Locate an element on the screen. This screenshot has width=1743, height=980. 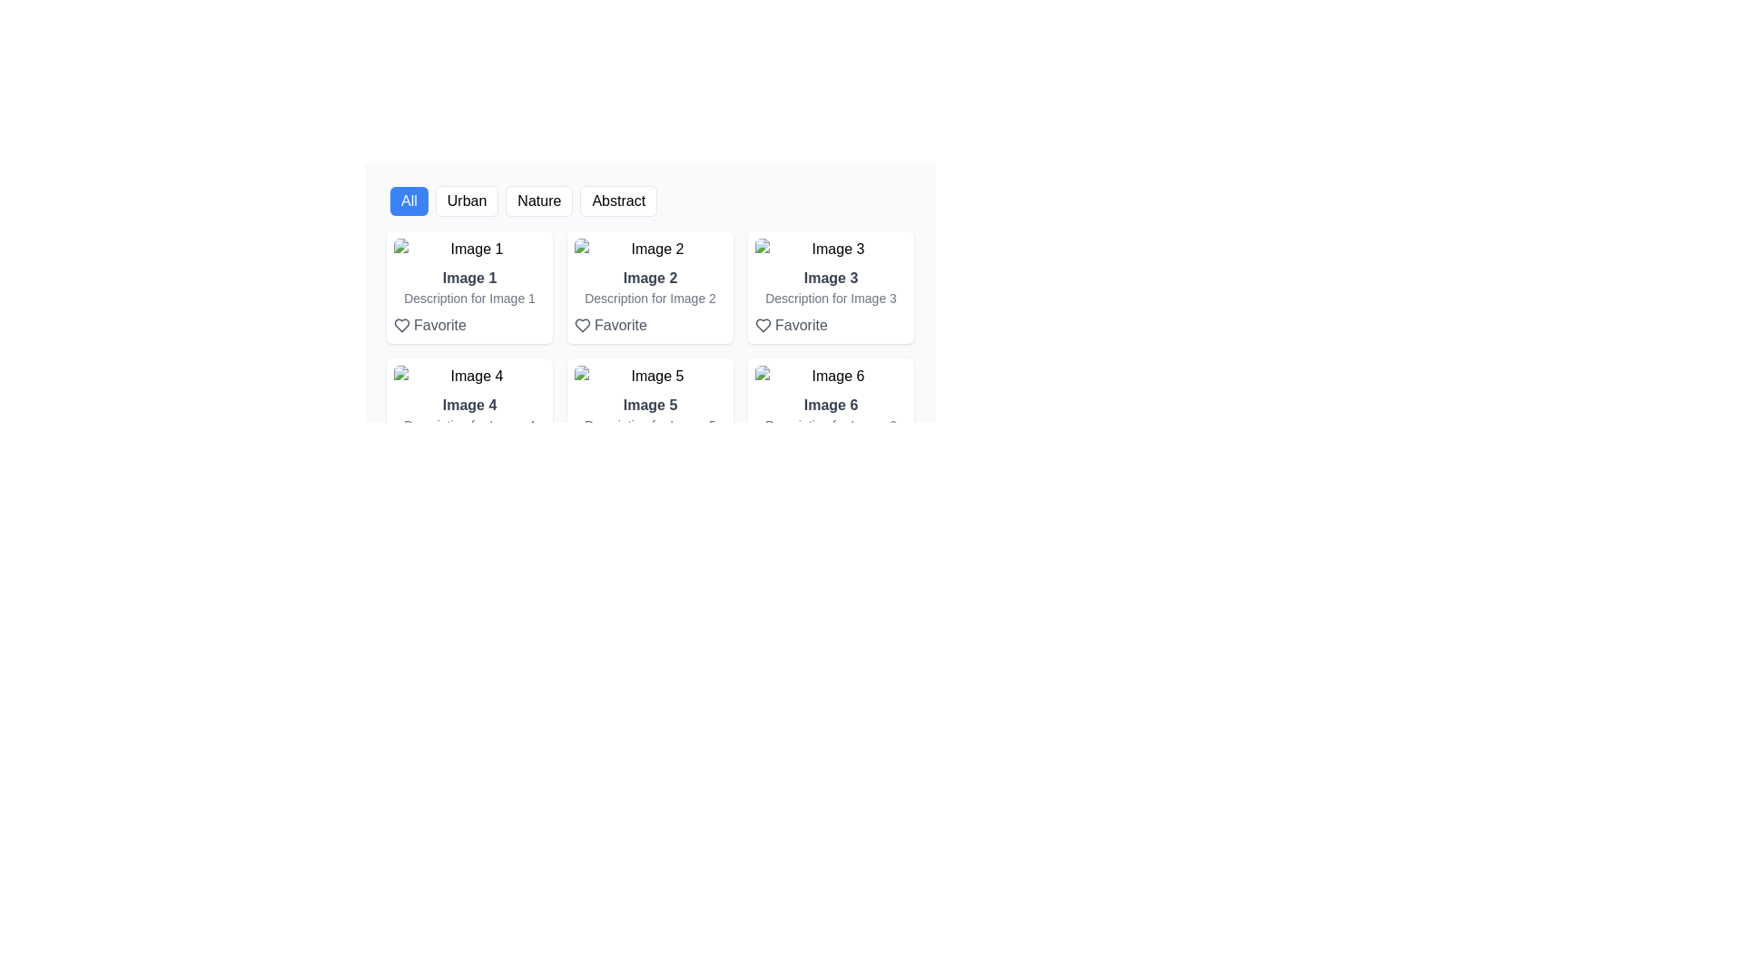
text content from the Text block displaying 'Image 1' and its description in the first card of the grid layout, located below the image and above the 'Favorite' label is located at coordinates (469, 300).